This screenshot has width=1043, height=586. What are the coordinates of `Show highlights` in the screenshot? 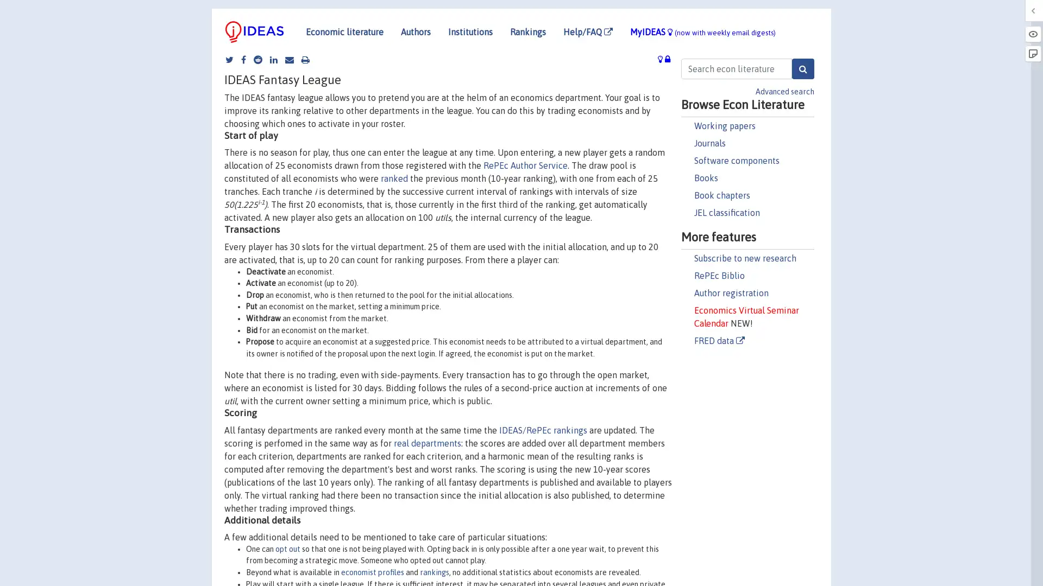 It's located at (1032, 33).